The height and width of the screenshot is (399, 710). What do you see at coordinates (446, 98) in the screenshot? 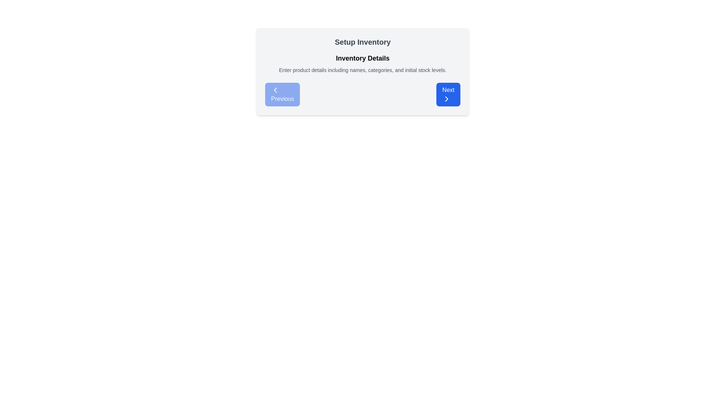
I see `the SVG Icon representing the 'Next' button, which is located to the right of the text label 'Next' within the card-like modal interface` at bounding box center [446, 98].